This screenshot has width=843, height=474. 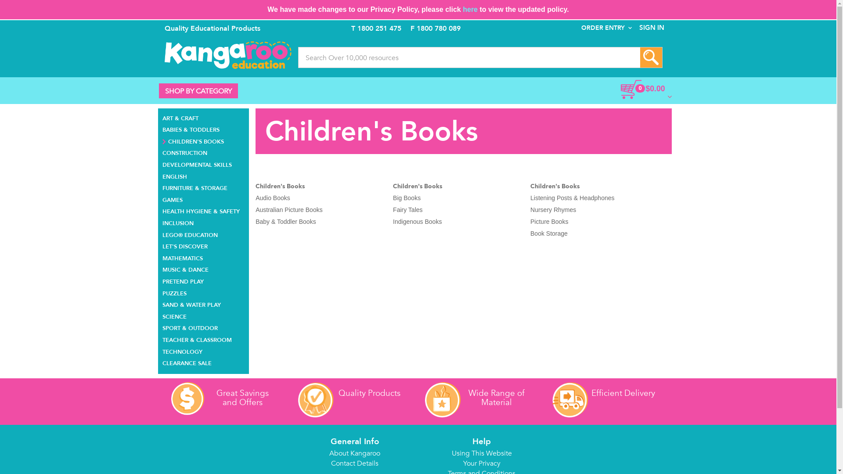 What do you see at coordinates (162, 292) in the screenshot?
I see `'PUZZLES'` at bounding box center [162, 292].